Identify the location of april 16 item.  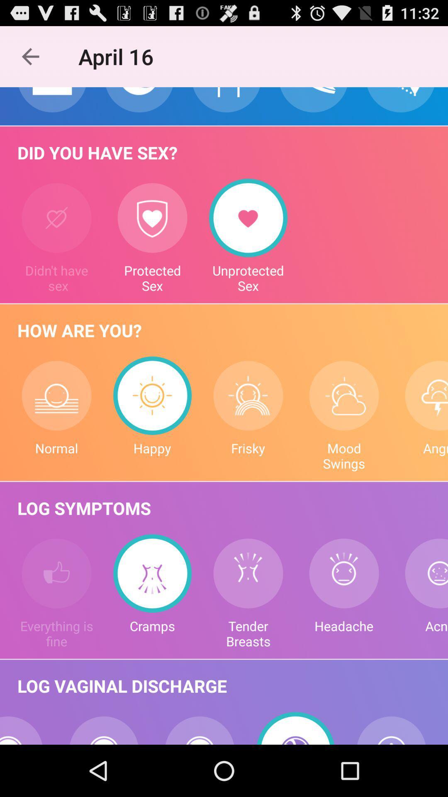
(120, 56).